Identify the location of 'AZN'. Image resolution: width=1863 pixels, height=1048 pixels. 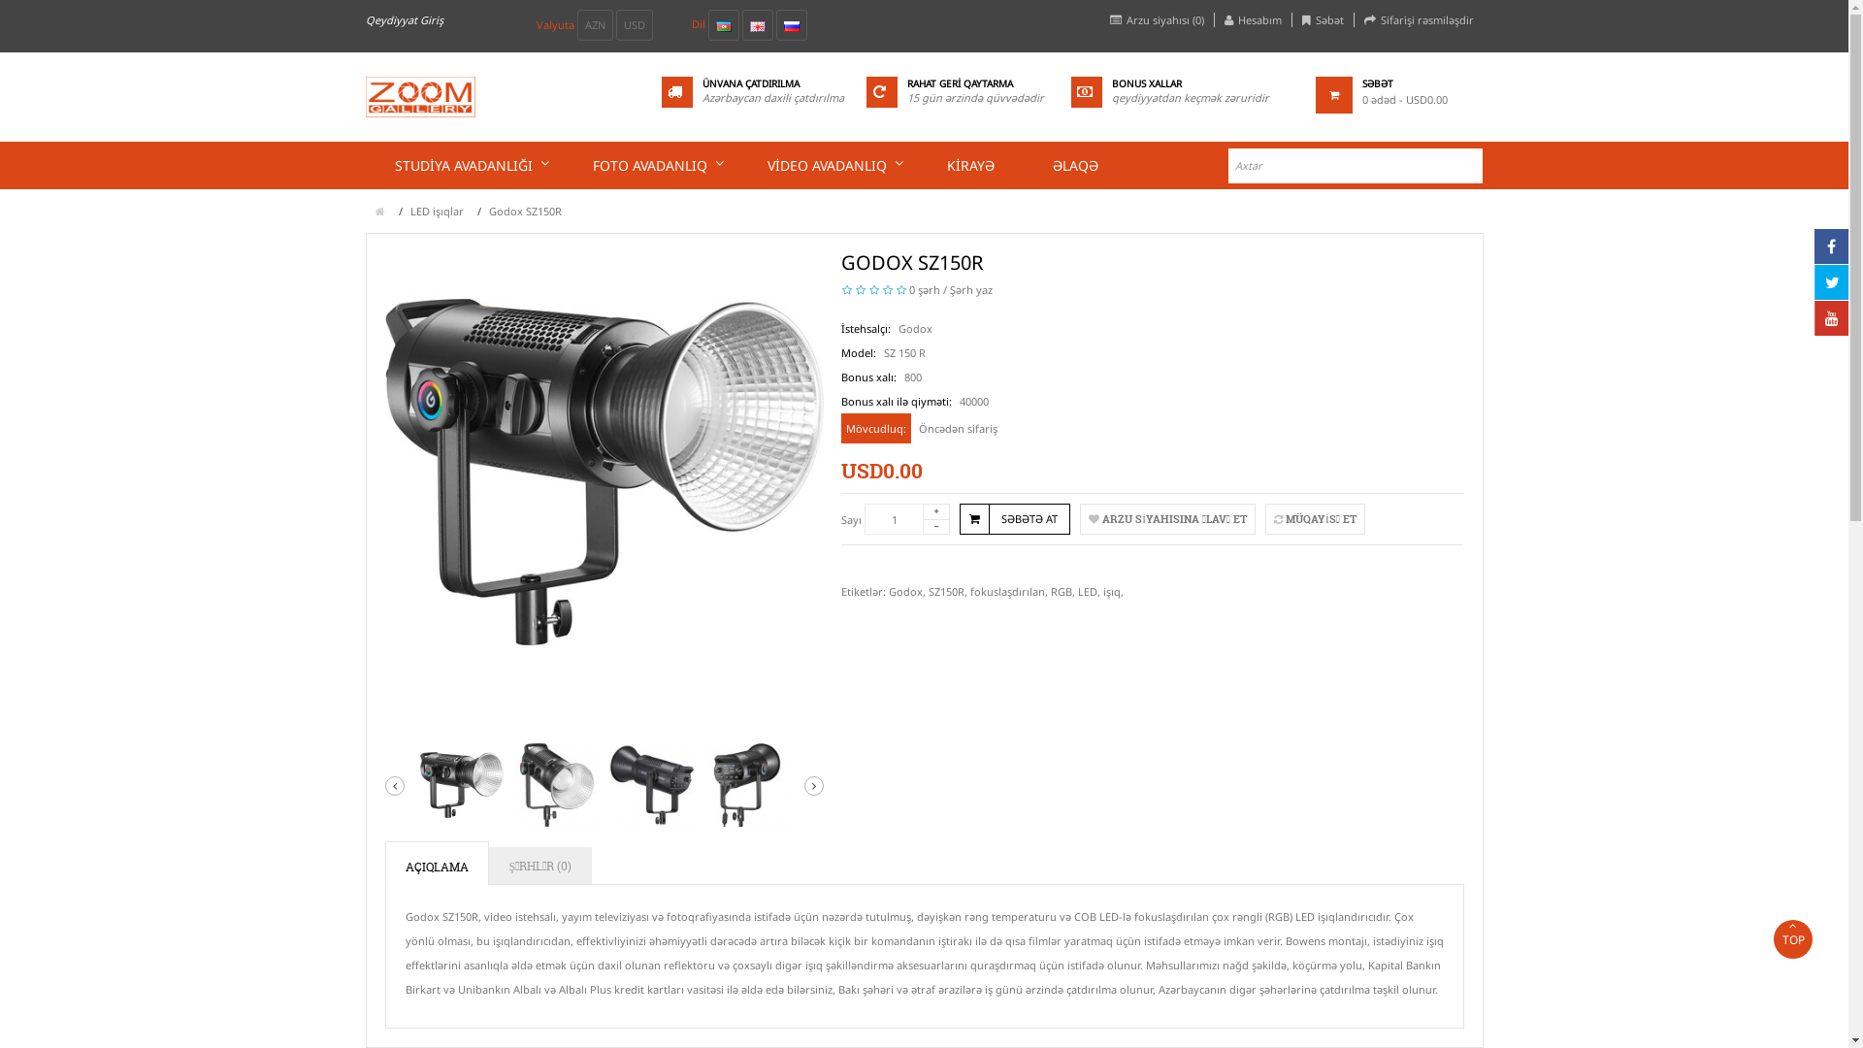
(575, 25).